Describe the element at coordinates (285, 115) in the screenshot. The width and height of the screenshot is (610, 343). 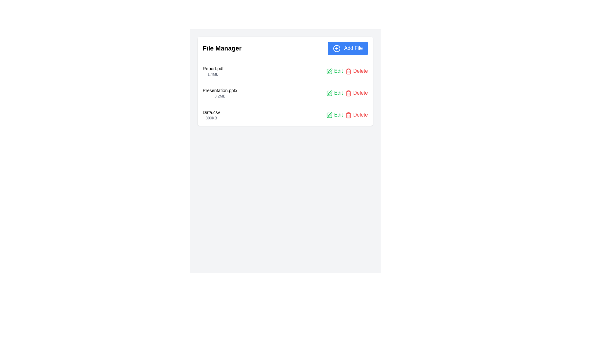
I see `the third row in the file management list, which represents a file entry, located under the 'File Manager' section` at that location.